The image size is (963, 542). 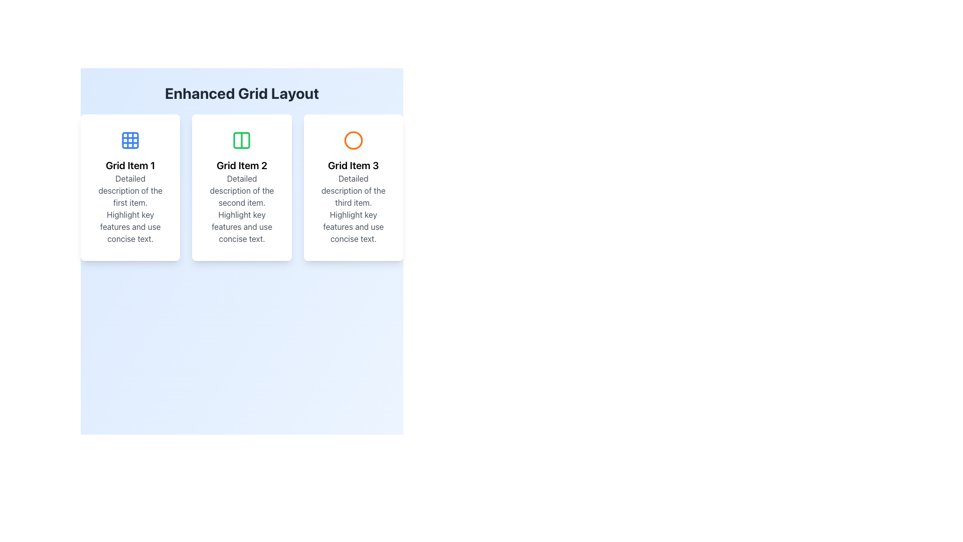 I want to click on the text in the detailed textual description block of 'Grid Item 1', located below the card's title and icon, so click(x=130, y=208).